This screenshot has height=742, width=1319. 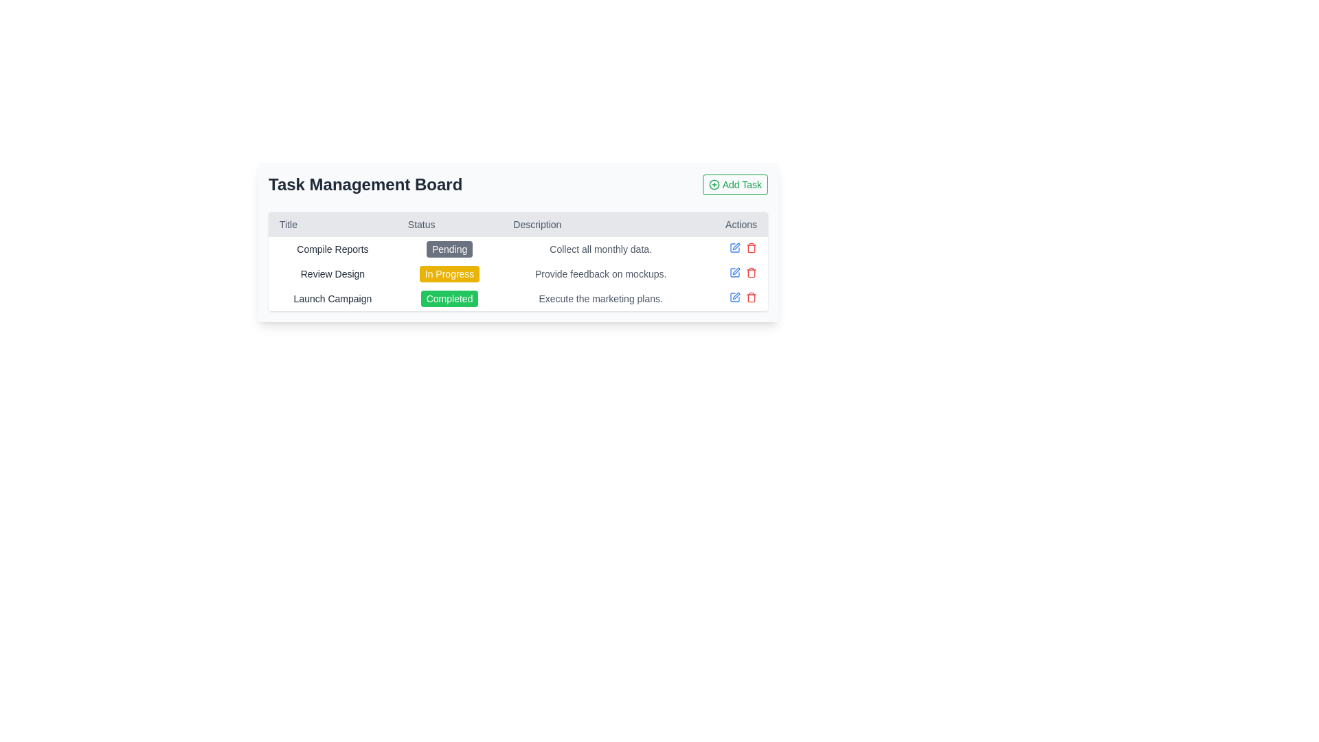 What do you see at coordinates (751, 273) in the screenshot?
I see `the delete icon button located in the 'Actions' column of the third row in the table` at bounding box center [751, 273].